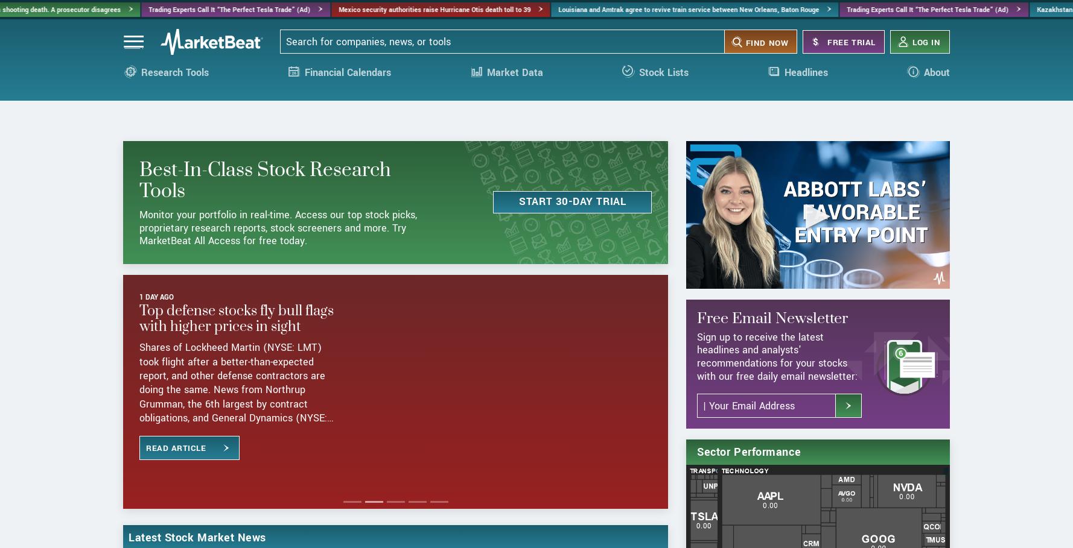 The image size is (1073, 548). Describe the element at coordinates (156, 342) in the screenshot. I see `'1 day ago'` at that location.